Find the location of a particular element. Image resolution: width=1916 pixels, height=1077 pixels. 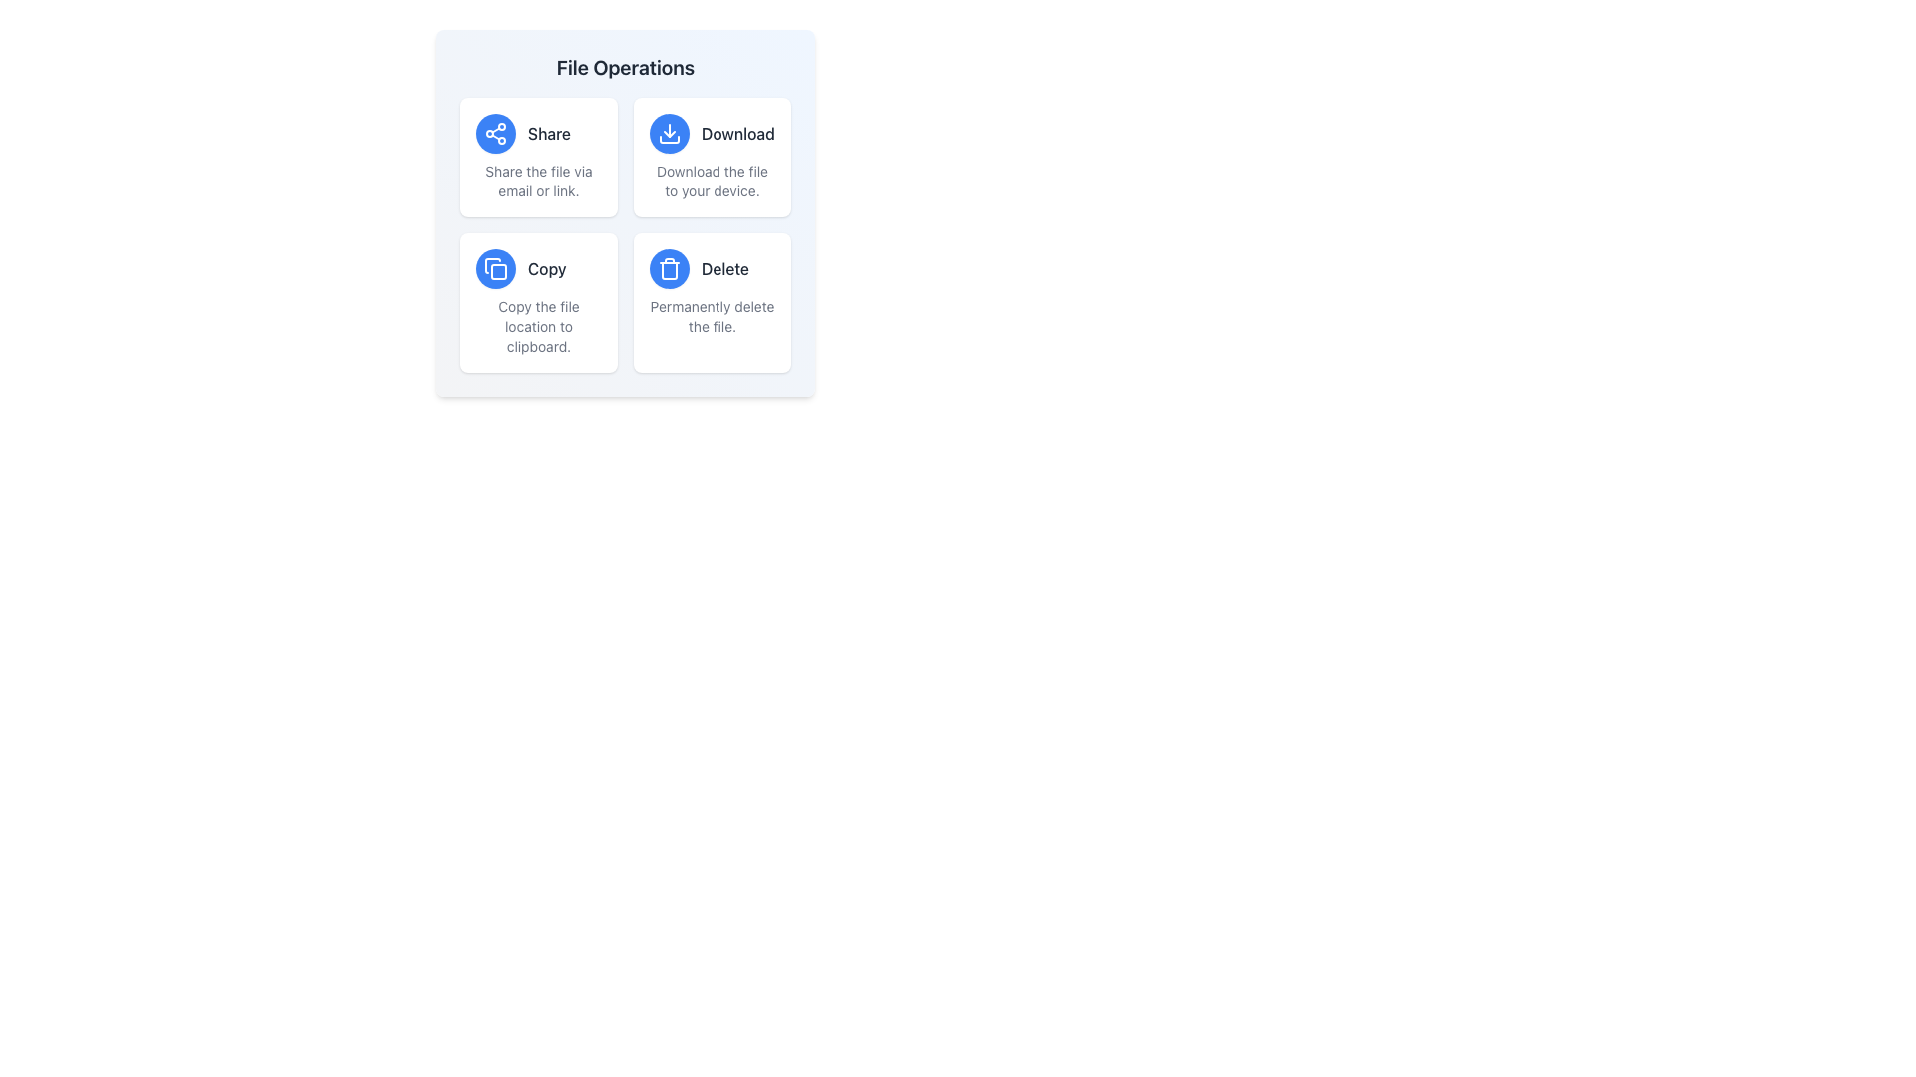

the 'Download' button, which is a blue circular icon with a download arrow and bold text in dark gray, positioned in the top-right corner of a 2x2 grid layout is located at coordinates (713, 157).